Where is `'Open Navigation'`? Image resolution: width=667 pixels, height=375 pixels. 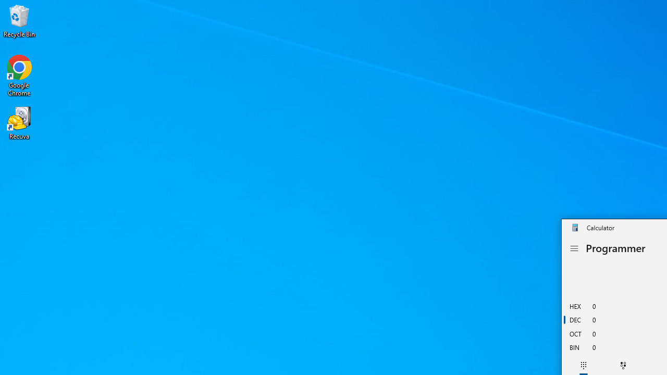 'Open Navigation' is located at coordinates (574, 248).